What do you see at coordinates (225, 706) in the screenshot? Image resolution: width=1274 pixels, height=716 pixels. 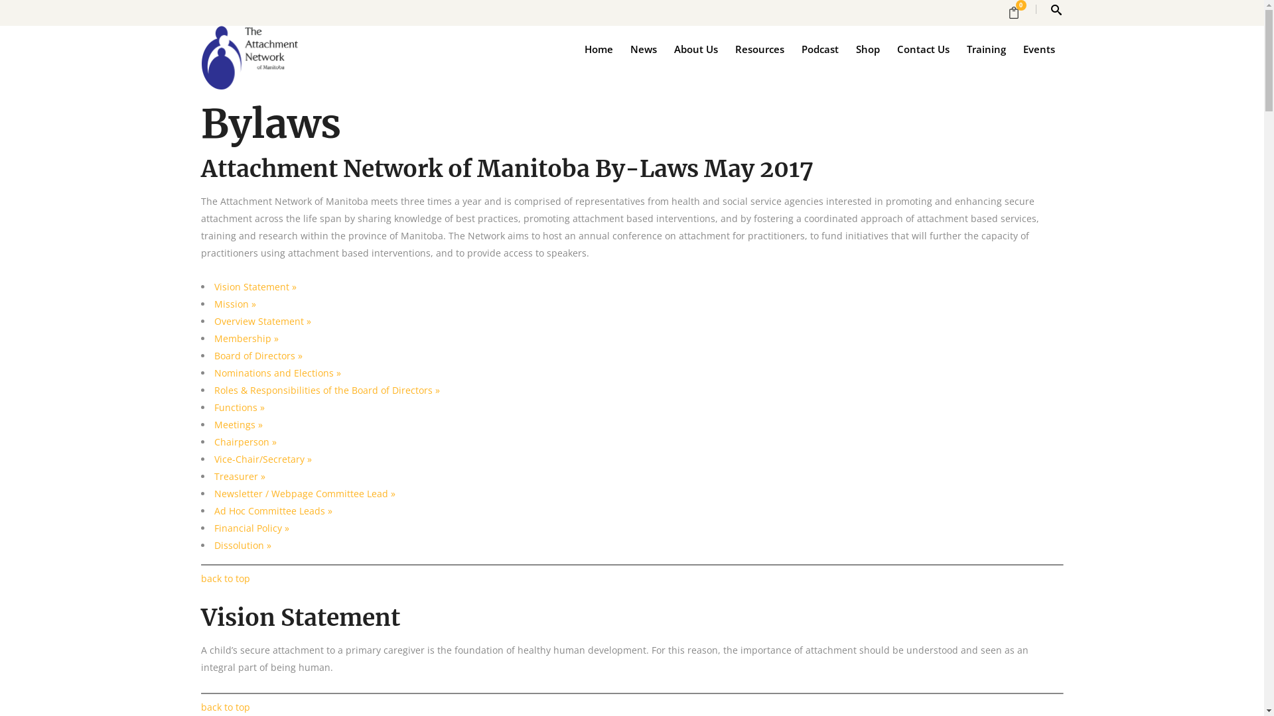 I see `'back to top'` at bounding box center [225, 706].